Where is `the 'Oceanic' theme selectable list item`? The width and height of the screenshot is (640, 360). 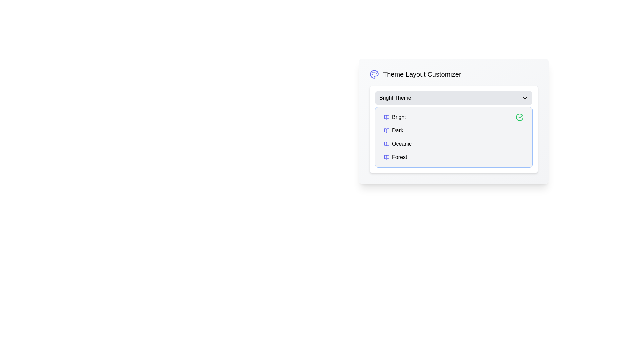 the 'Oceanic' theme selectable list item is located at coordinates (453, 144).